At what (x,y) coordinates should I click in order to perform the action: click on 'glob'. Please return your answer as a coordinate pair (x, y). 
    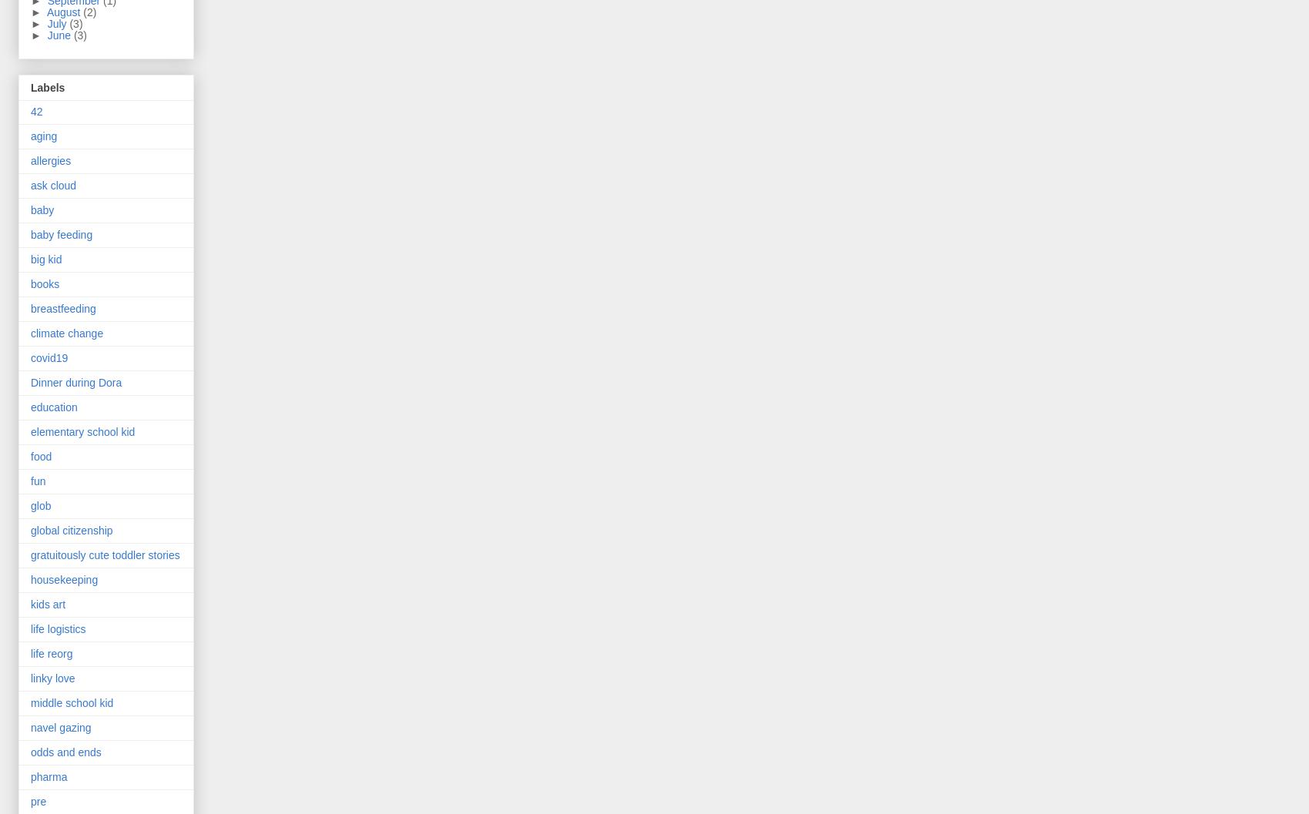
    Looking at the image, I should click on (41, 506).